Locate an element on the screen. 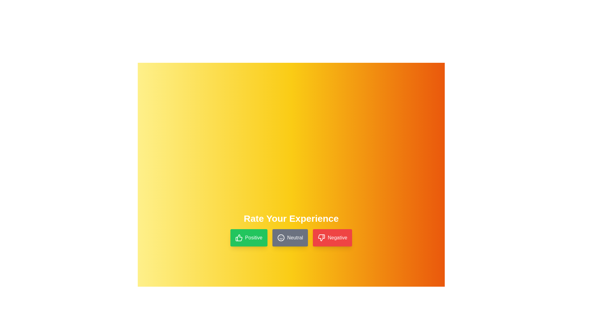  the 'Neutral' button containing the SVG icon that represents the 'Neutral' rating option is located at coordinates (280, 237).